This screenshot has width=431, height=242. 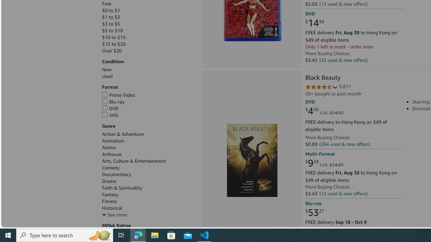 I want to click on '$14.39', so click(x=314, y=23).